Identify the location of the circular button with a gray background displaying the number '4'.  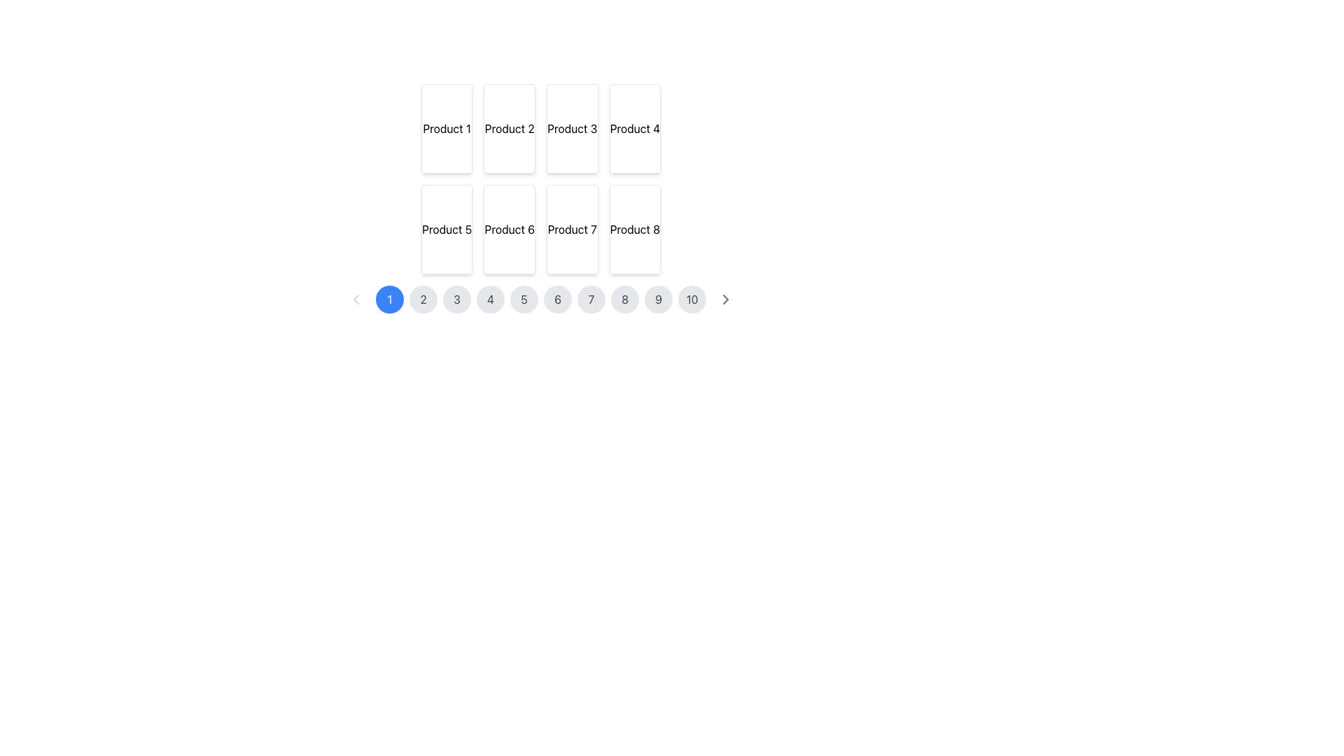
(490, 299).